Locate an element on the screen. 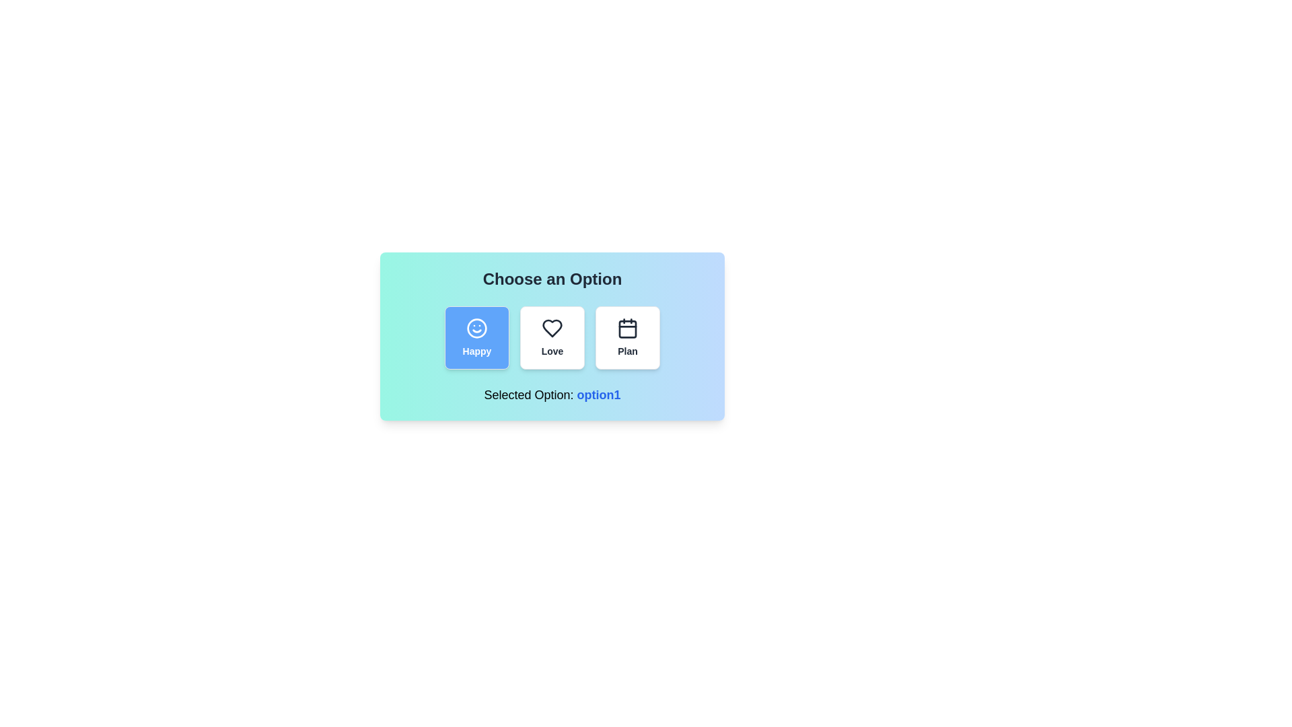 Image resolution: width=1292 pixels, height=727 pixels. the Decorative Circle Graphic that represents the 'Happy' selection in the smiley face illustration is located at coordinates (477, 328).